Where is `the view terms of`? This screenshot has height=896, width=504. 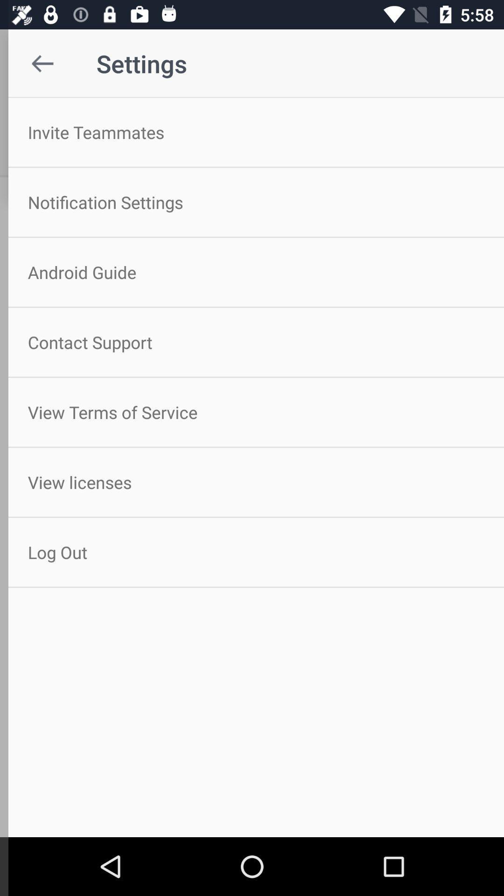
the view terms of is located at coordinates (252, 412).